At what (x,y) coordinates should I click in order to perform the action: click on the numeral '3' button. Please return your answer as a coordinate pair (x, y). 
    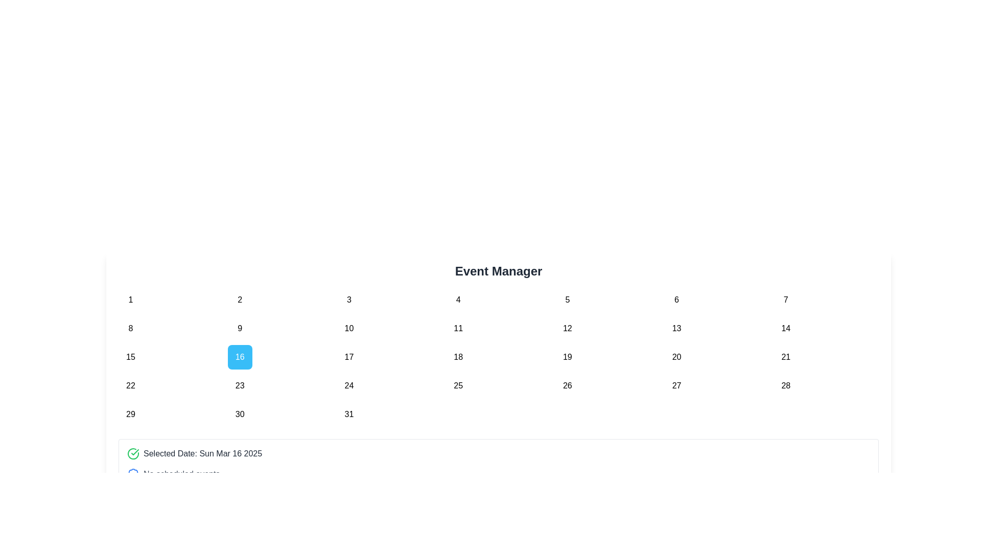
    Looking at the image, I should click on (349, 299).